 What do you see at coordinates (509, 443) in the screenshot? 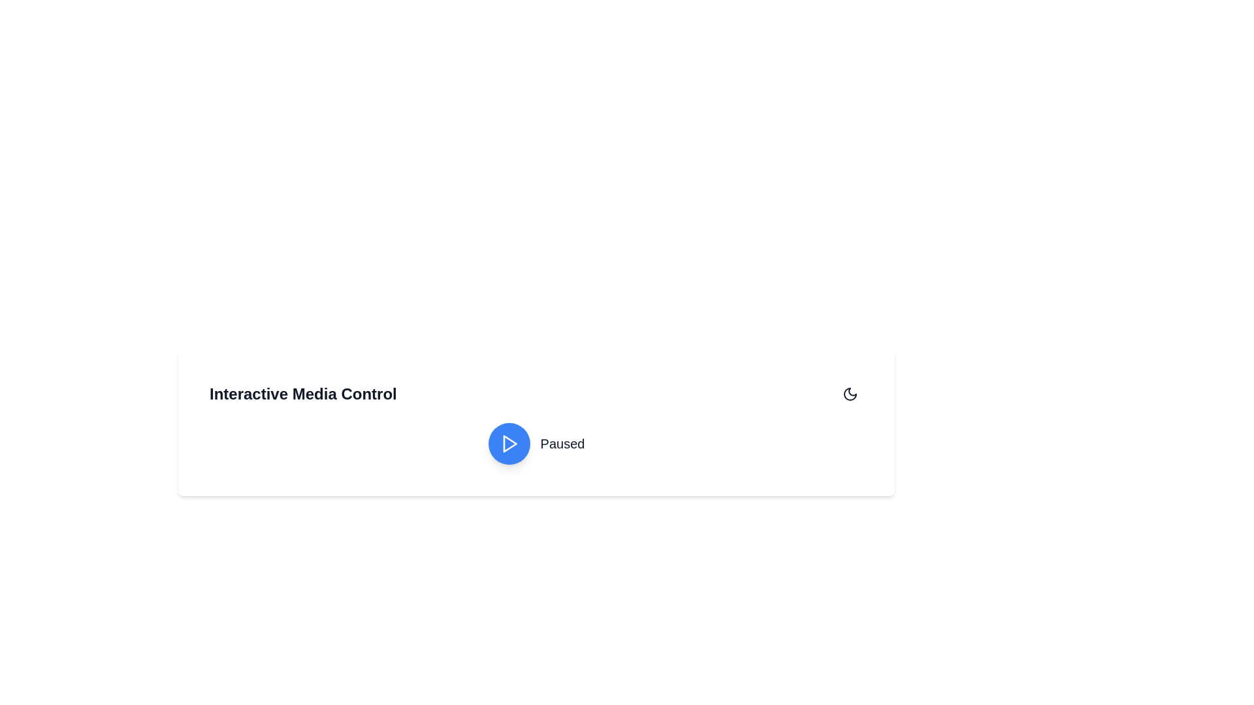
I see `the playback state icon inside the circular button labeled 'Paused'` at bounding box center [509, 443].